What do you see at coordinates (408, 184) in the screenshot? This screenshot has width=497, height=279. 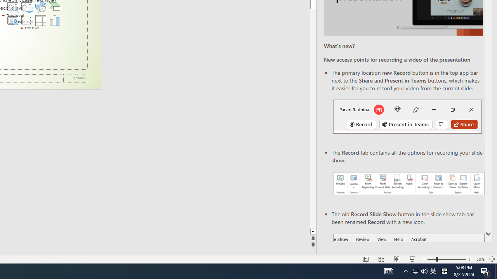 I see `'Record your presentations screenshot one'` at bounding box center [408, 184].